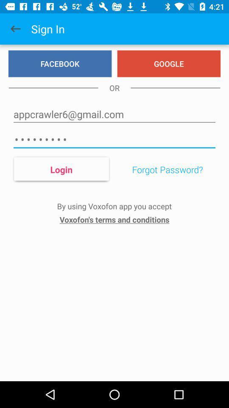  Describe the element at coordinates (168, 169) in the screenshot. I see `the icon to the right of login item` at that location.